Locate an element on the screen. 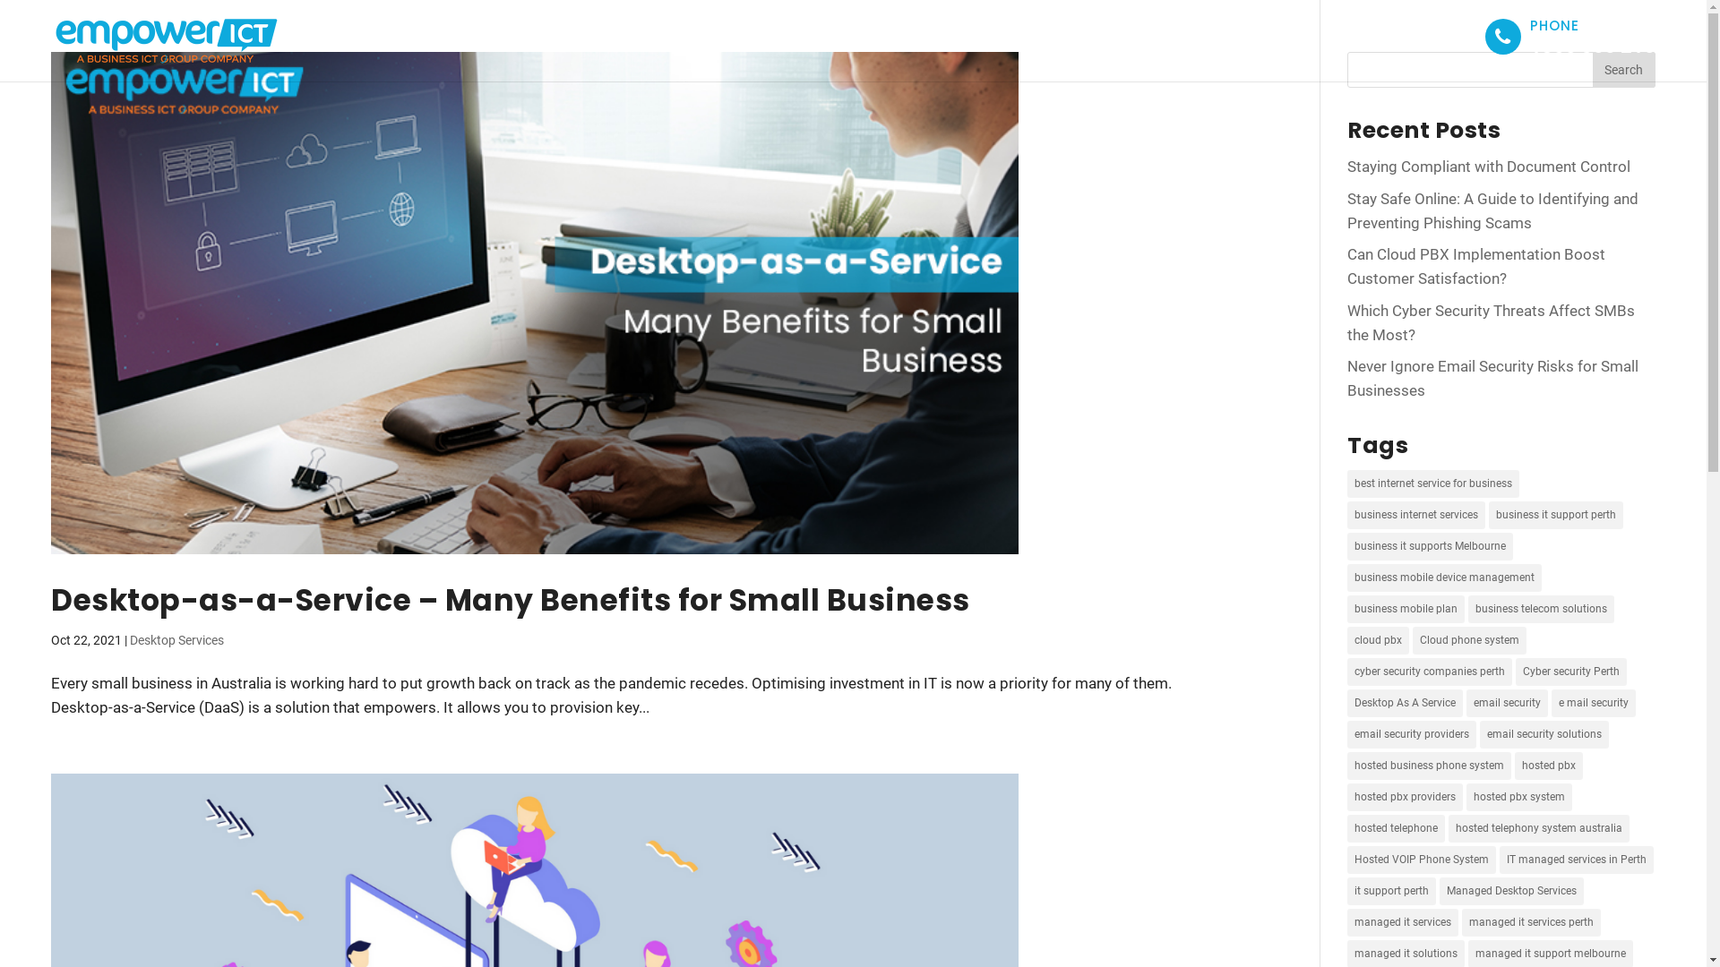 The width and height of the screenshot is (1720, 967). 'Search' is located at coordinates (1592, 68).